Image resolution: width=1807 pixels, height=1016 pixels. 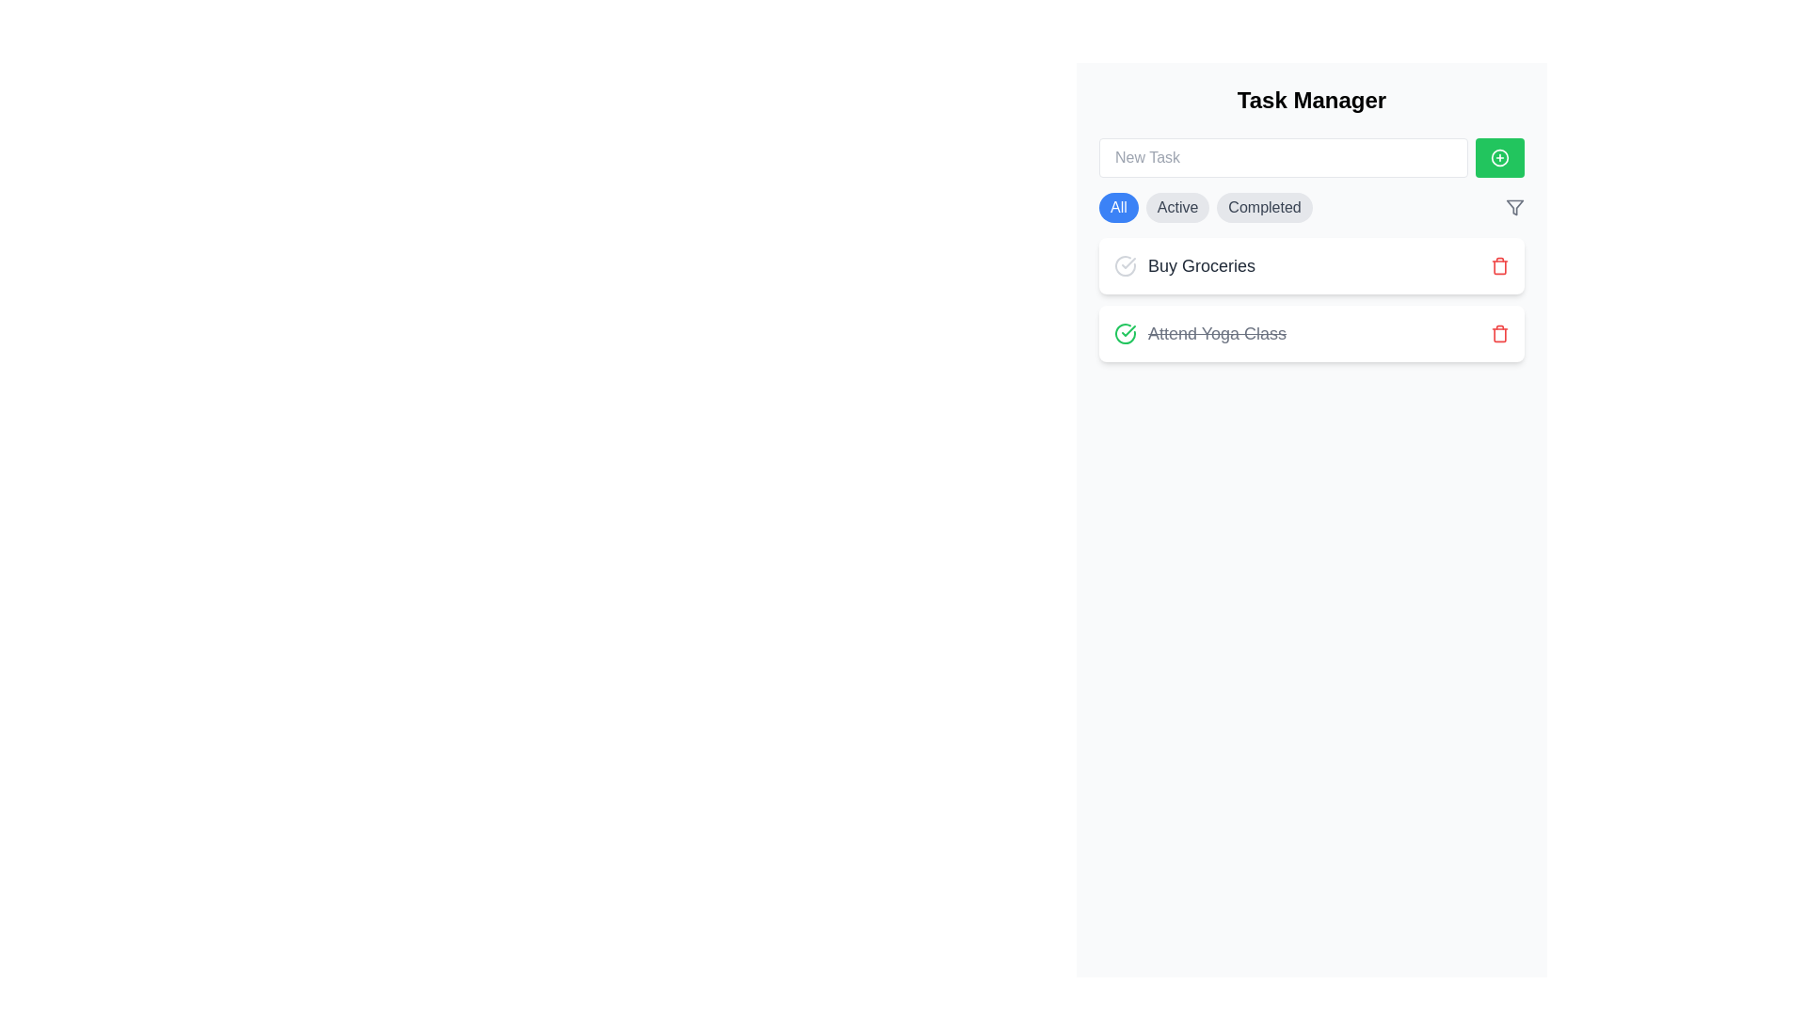 I want to click on the status indicator icon located on the leftmost side of the 'Buy Groceries' task item, so click(x=1125, y=265).